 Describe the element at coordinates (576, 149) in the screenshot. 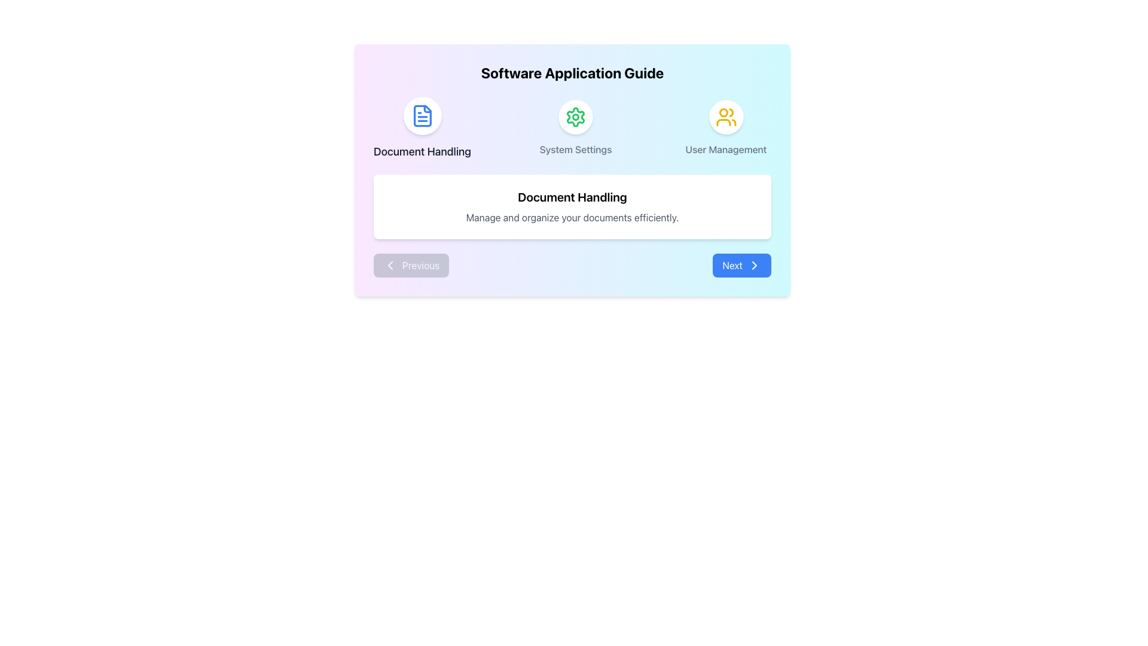

I see `the 'System Settings' label, which displays the words in gray color and is positioned centrally below the gear icon` at that location.